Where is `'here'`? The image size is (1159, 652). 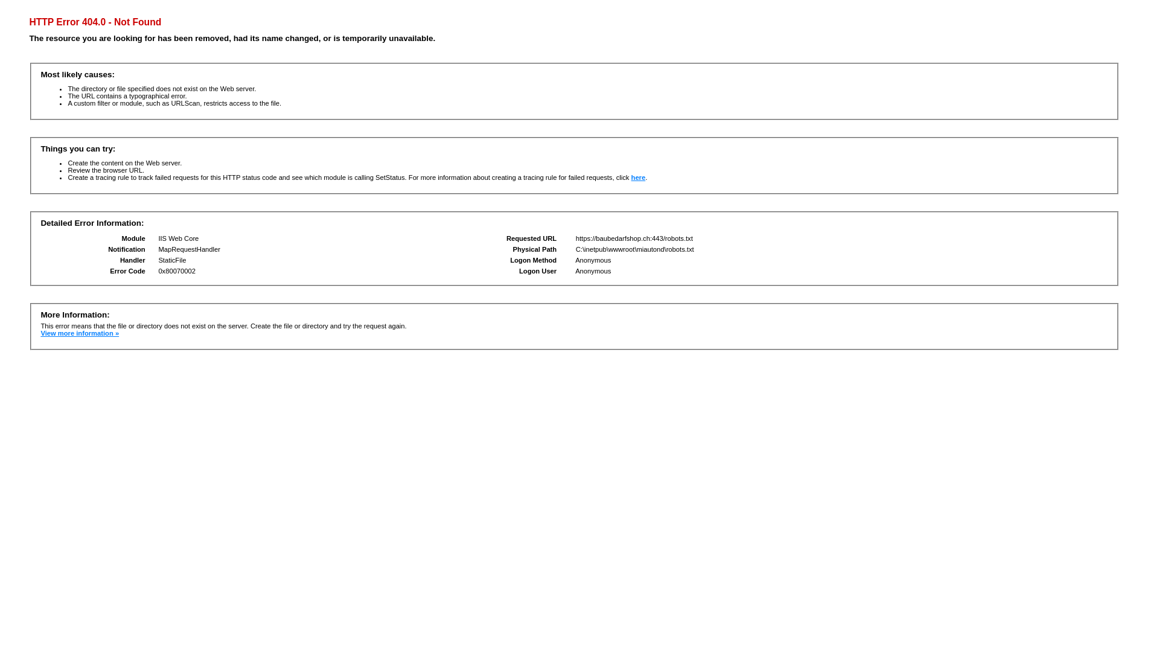 'here' is located at coordinates (637, 177).